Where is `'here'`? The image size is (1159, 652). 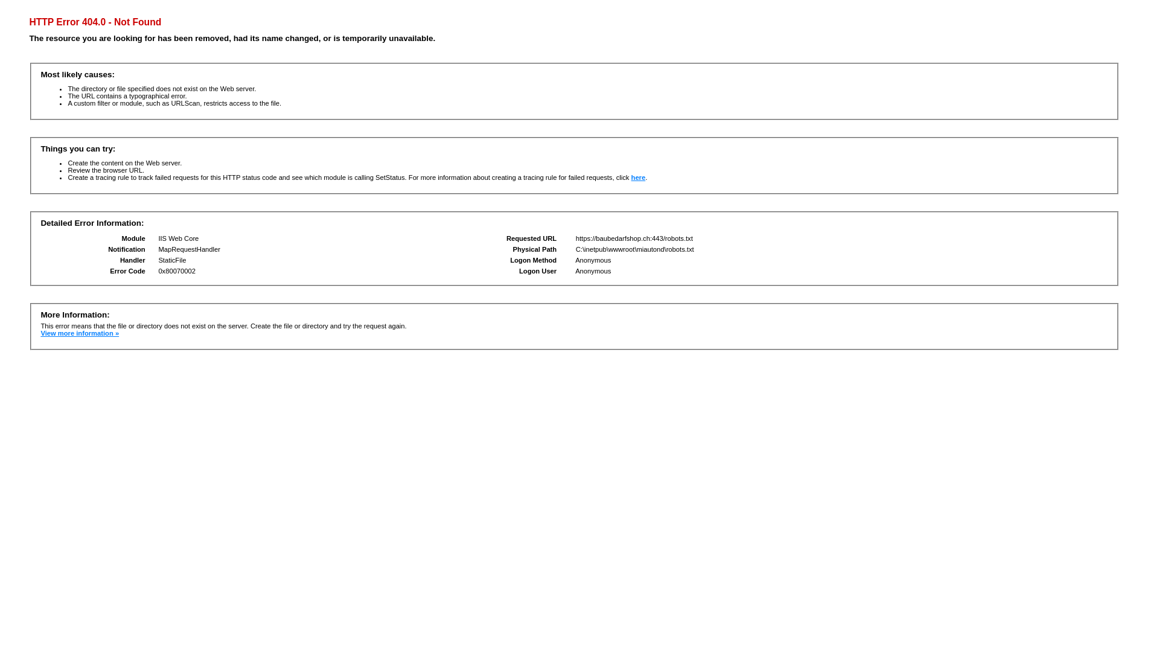 'here' is located at coordinates (637, 177).